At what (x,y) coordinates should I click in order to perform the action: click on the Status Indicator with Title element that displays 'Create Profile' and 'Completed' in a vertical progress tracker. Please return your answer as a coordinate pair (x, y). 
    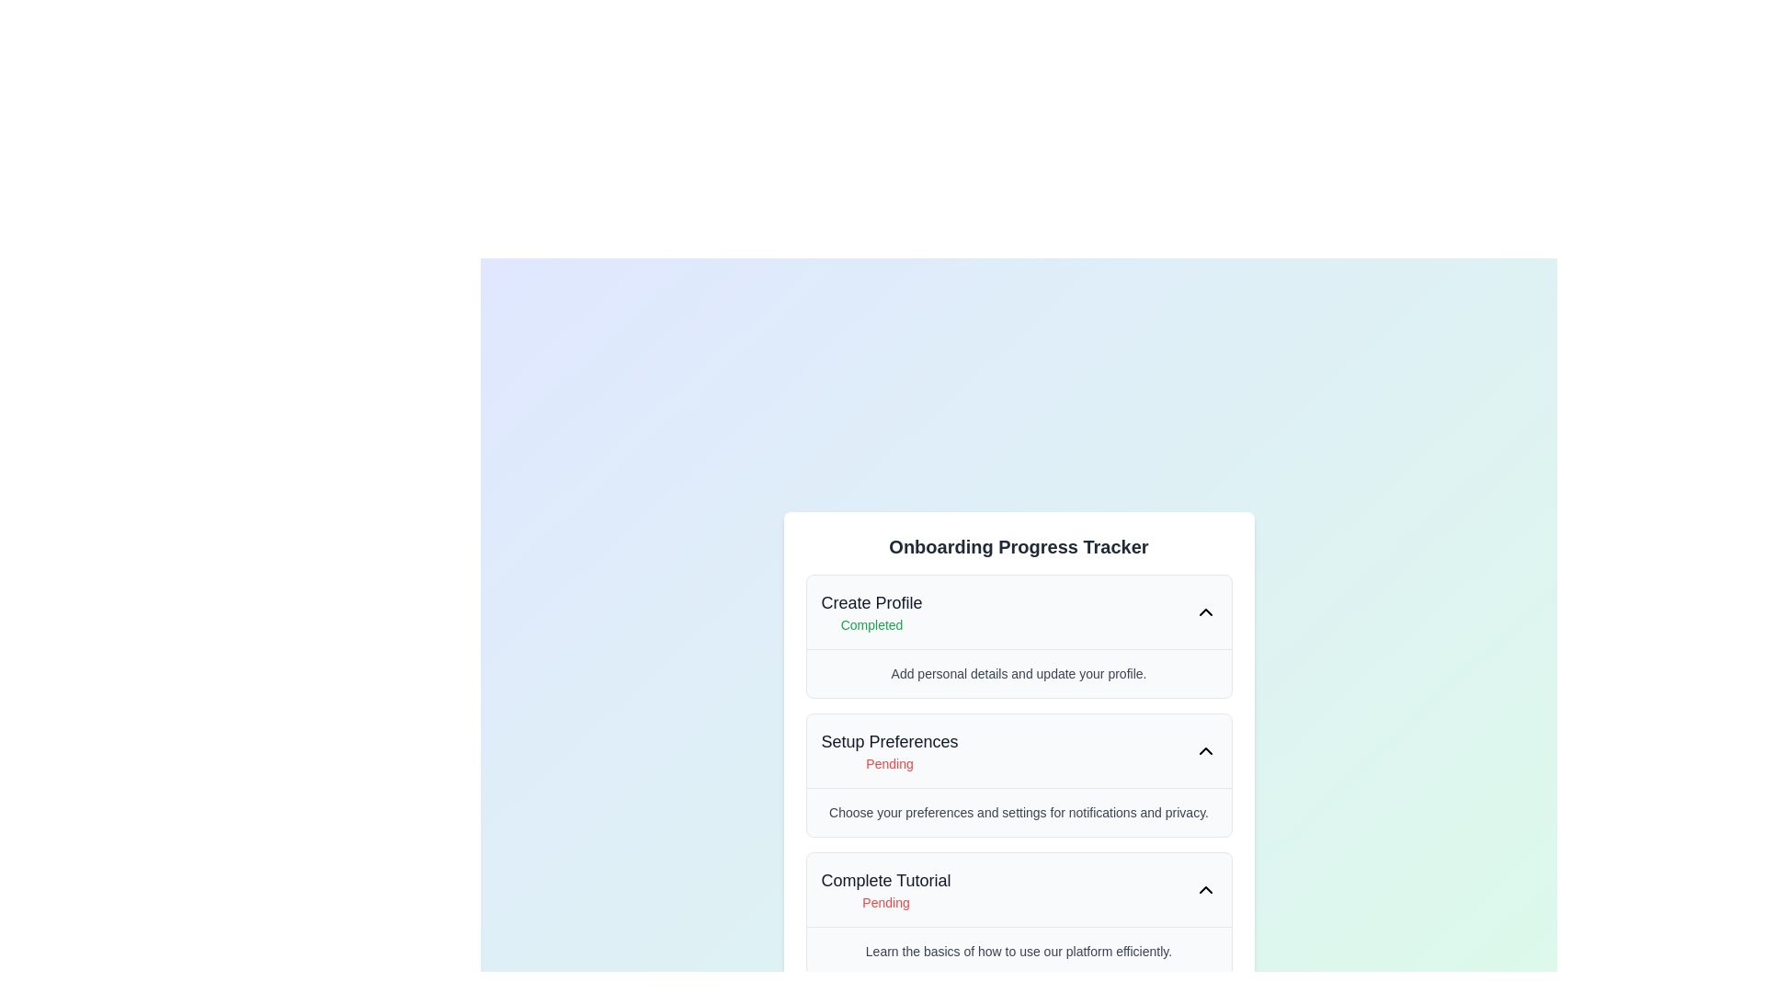
    Looking at the image, I should click on (871, 611).